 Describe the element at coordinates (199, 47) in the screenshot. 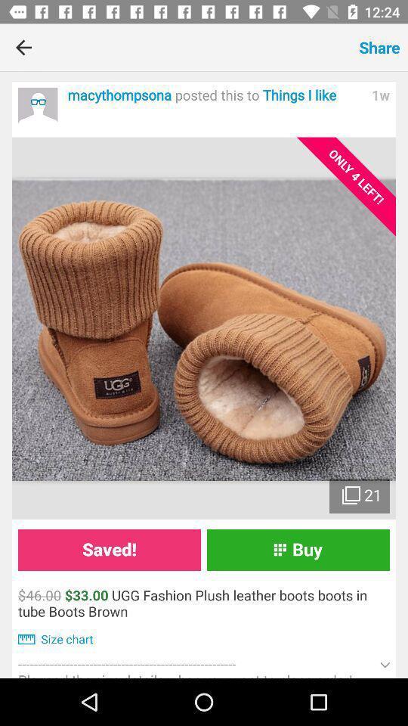

I see `the item to the left of the share icon` at that location.